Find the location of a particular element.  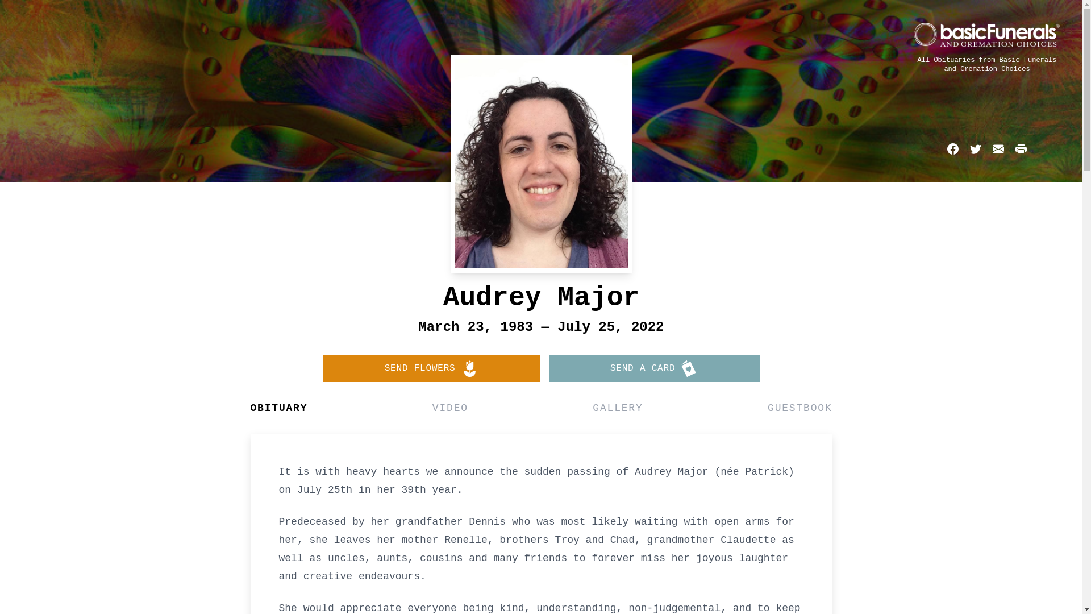

'SEND A CARD' is located at coordinates (654, 368).